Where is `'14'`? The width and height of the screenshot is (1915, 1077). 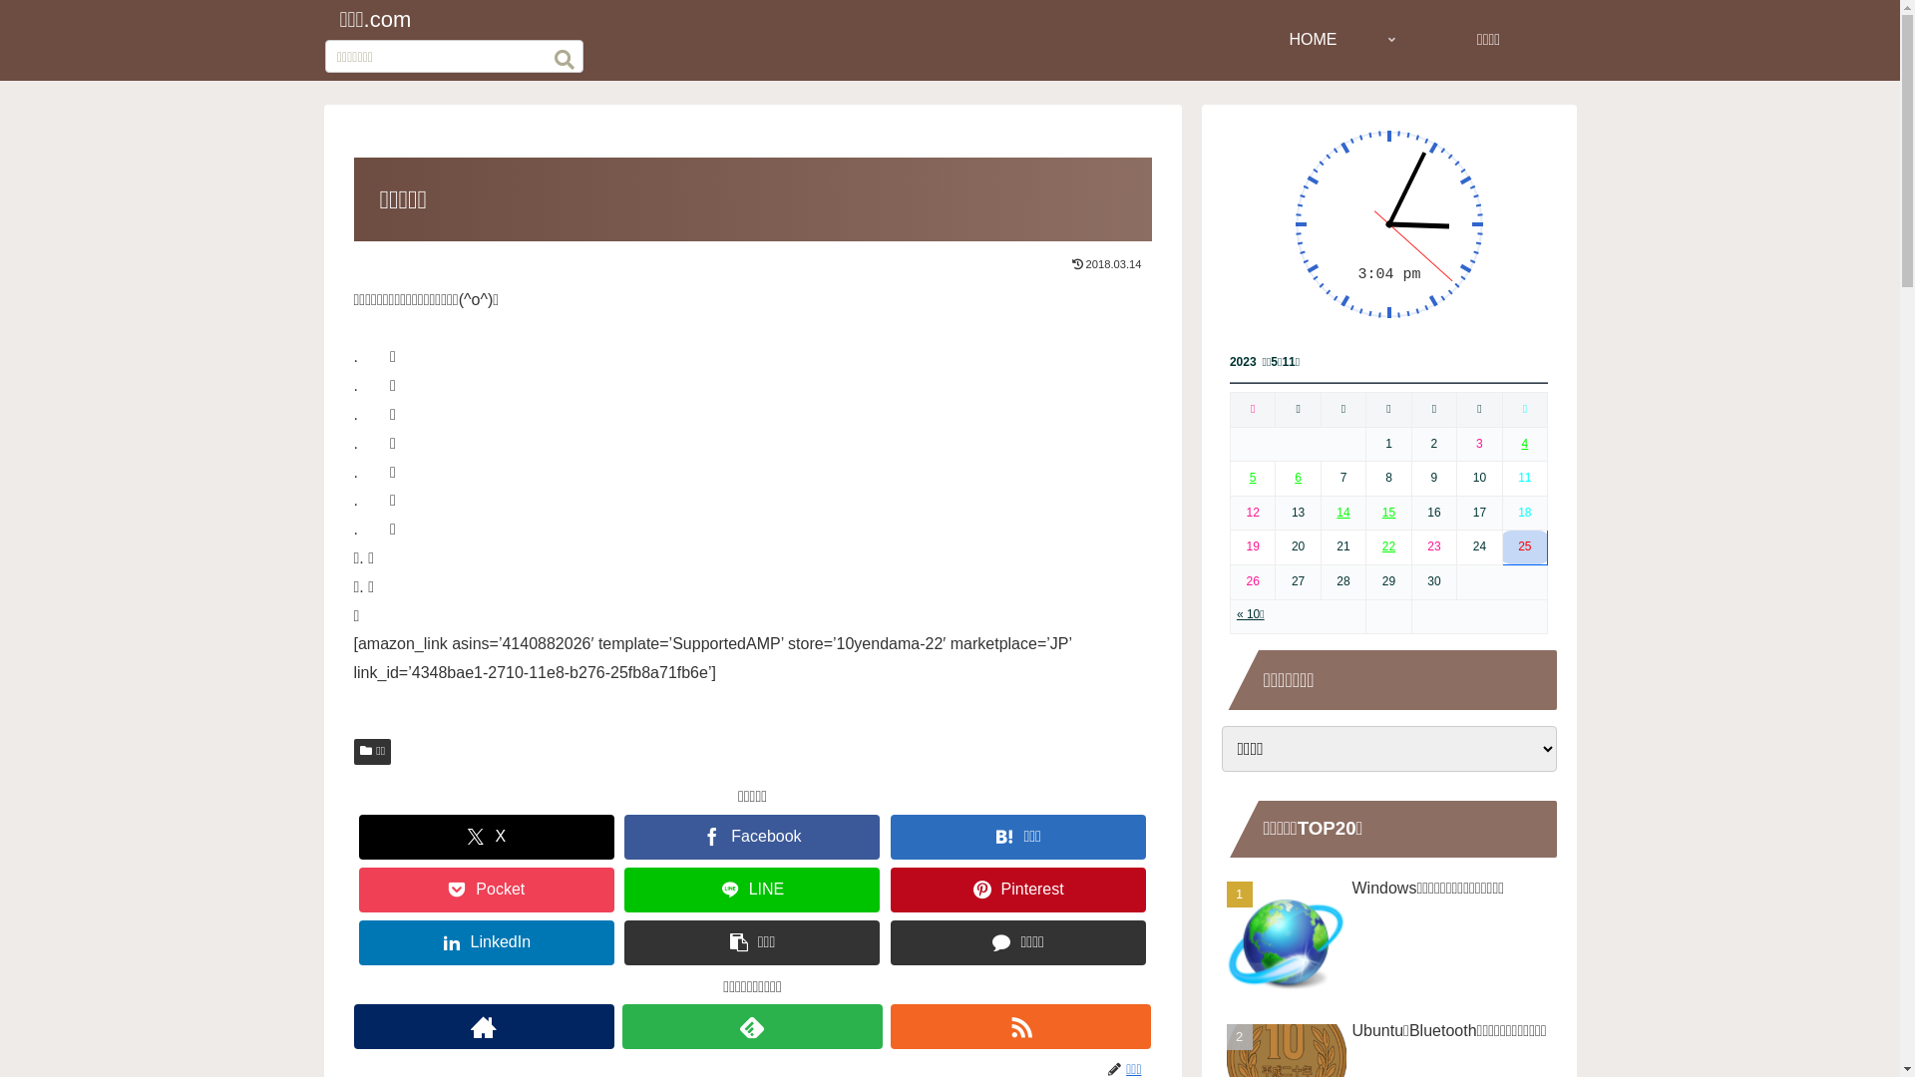 '14' is located at coordinates (1342, 511).